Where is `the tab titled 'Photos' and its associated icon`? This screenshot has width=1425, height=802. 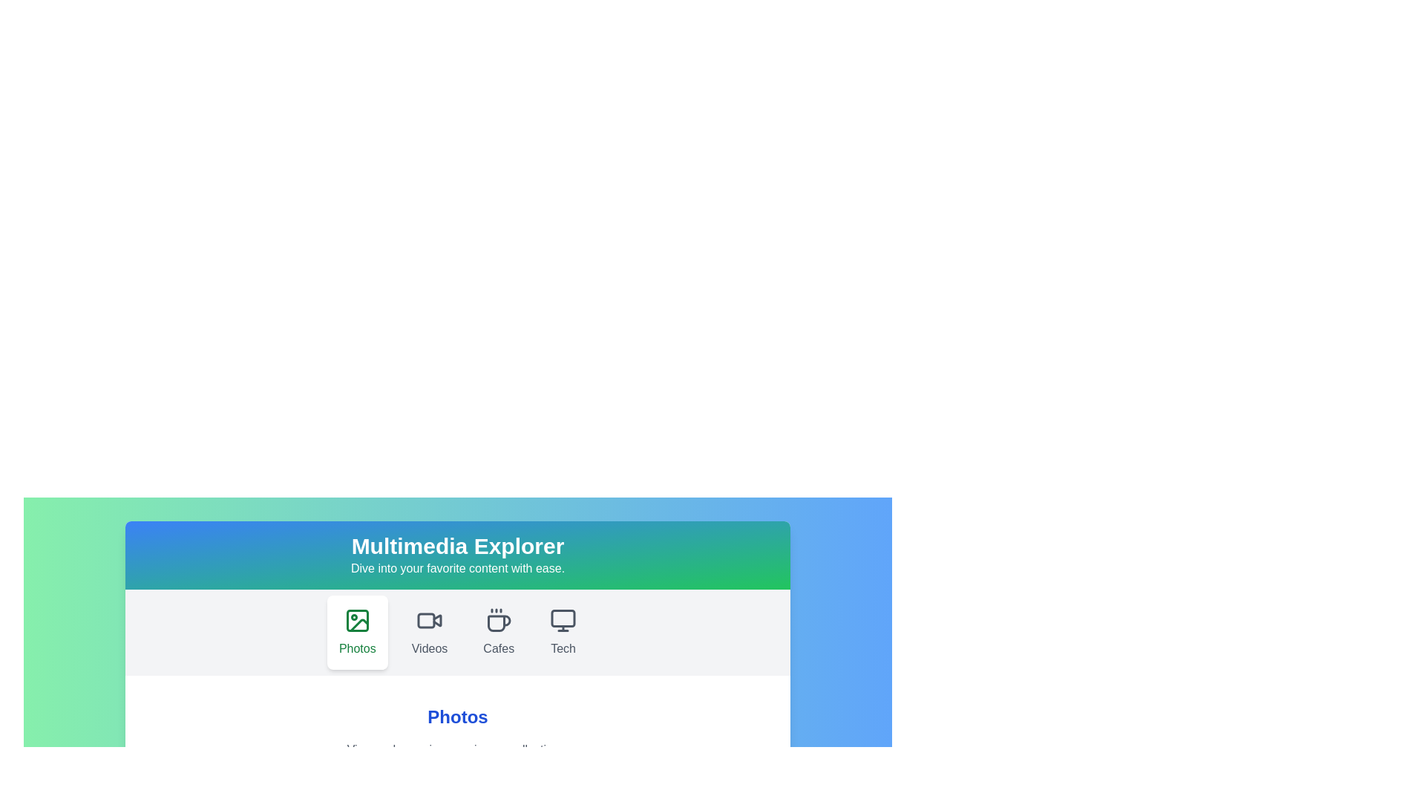 the tab titled 'Photos' and its associated icon is located at coordinates (357, 633).